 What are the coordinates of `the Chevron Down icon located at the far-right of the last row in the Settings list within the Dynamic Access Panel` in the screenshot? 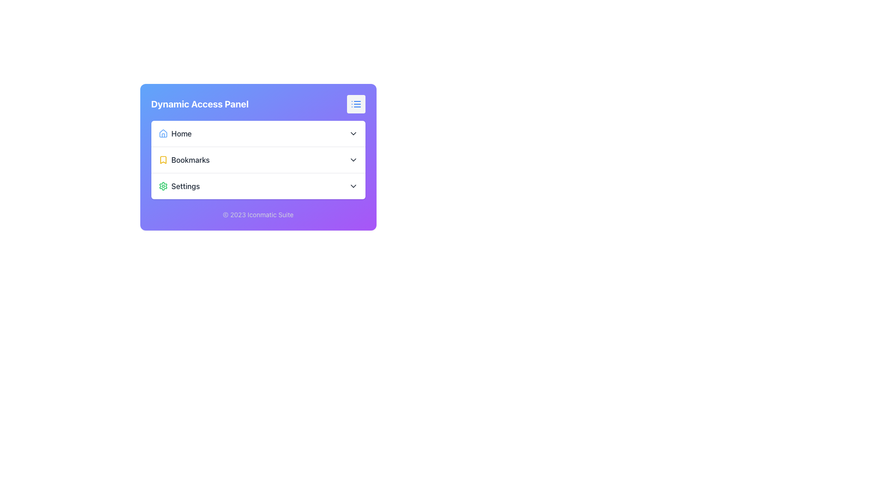 It's located at (353, 186).